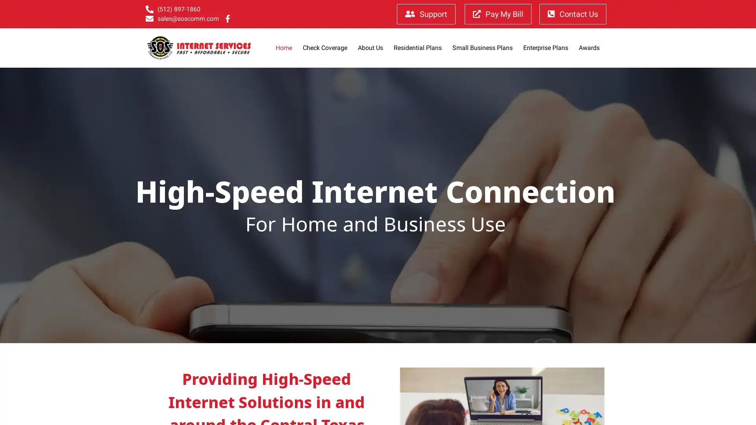  Describe the element at coordinates (573, 14) in the screenshot. I see `Contact Us` at that location.